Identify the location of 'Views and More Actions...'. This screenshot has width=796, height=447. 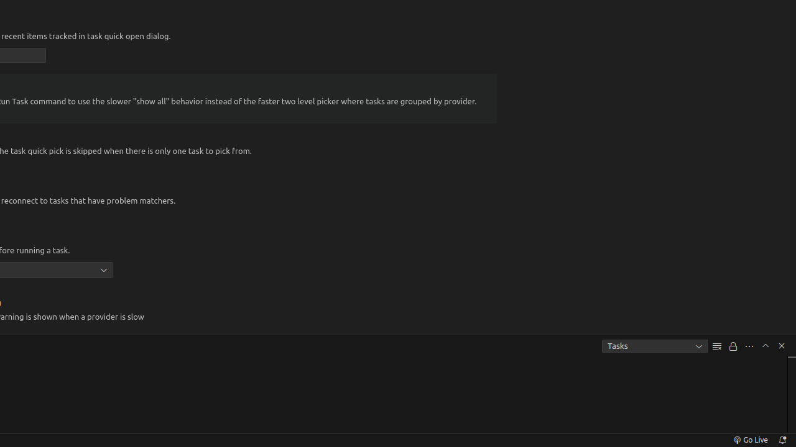
(748, 346).